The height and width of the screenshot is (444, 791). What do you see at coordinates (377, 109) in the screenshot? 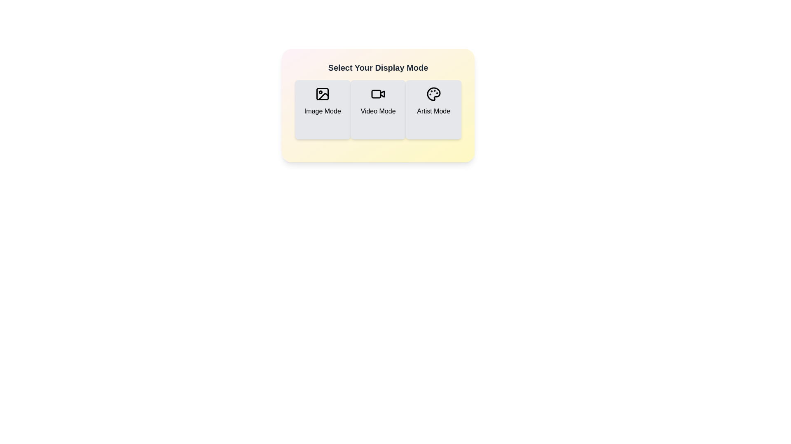
I see `the display mode by clicking the button corresponding to Video Mode` at bounding box center [377, 109].